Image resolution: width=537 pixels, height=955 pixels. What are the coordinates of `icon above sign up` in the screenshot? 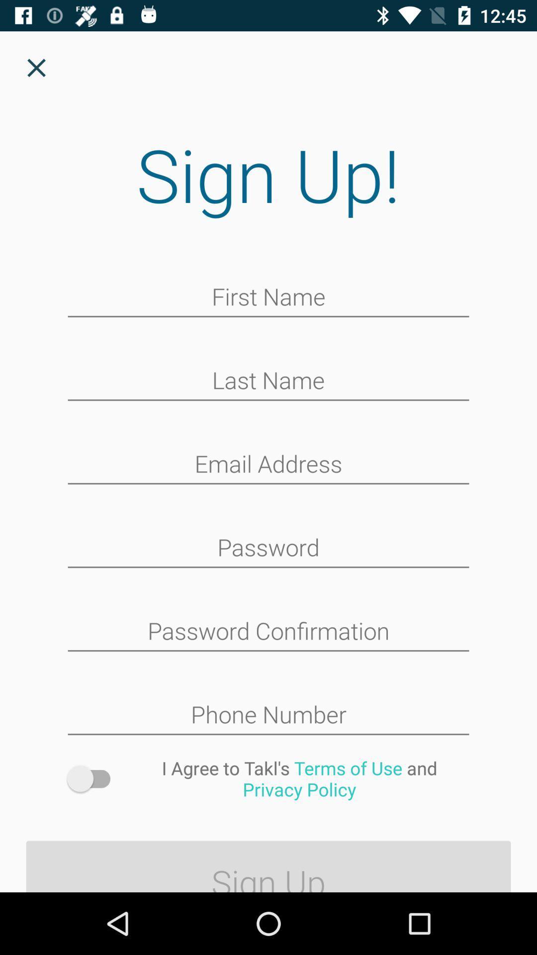 It's located at (93, 778).